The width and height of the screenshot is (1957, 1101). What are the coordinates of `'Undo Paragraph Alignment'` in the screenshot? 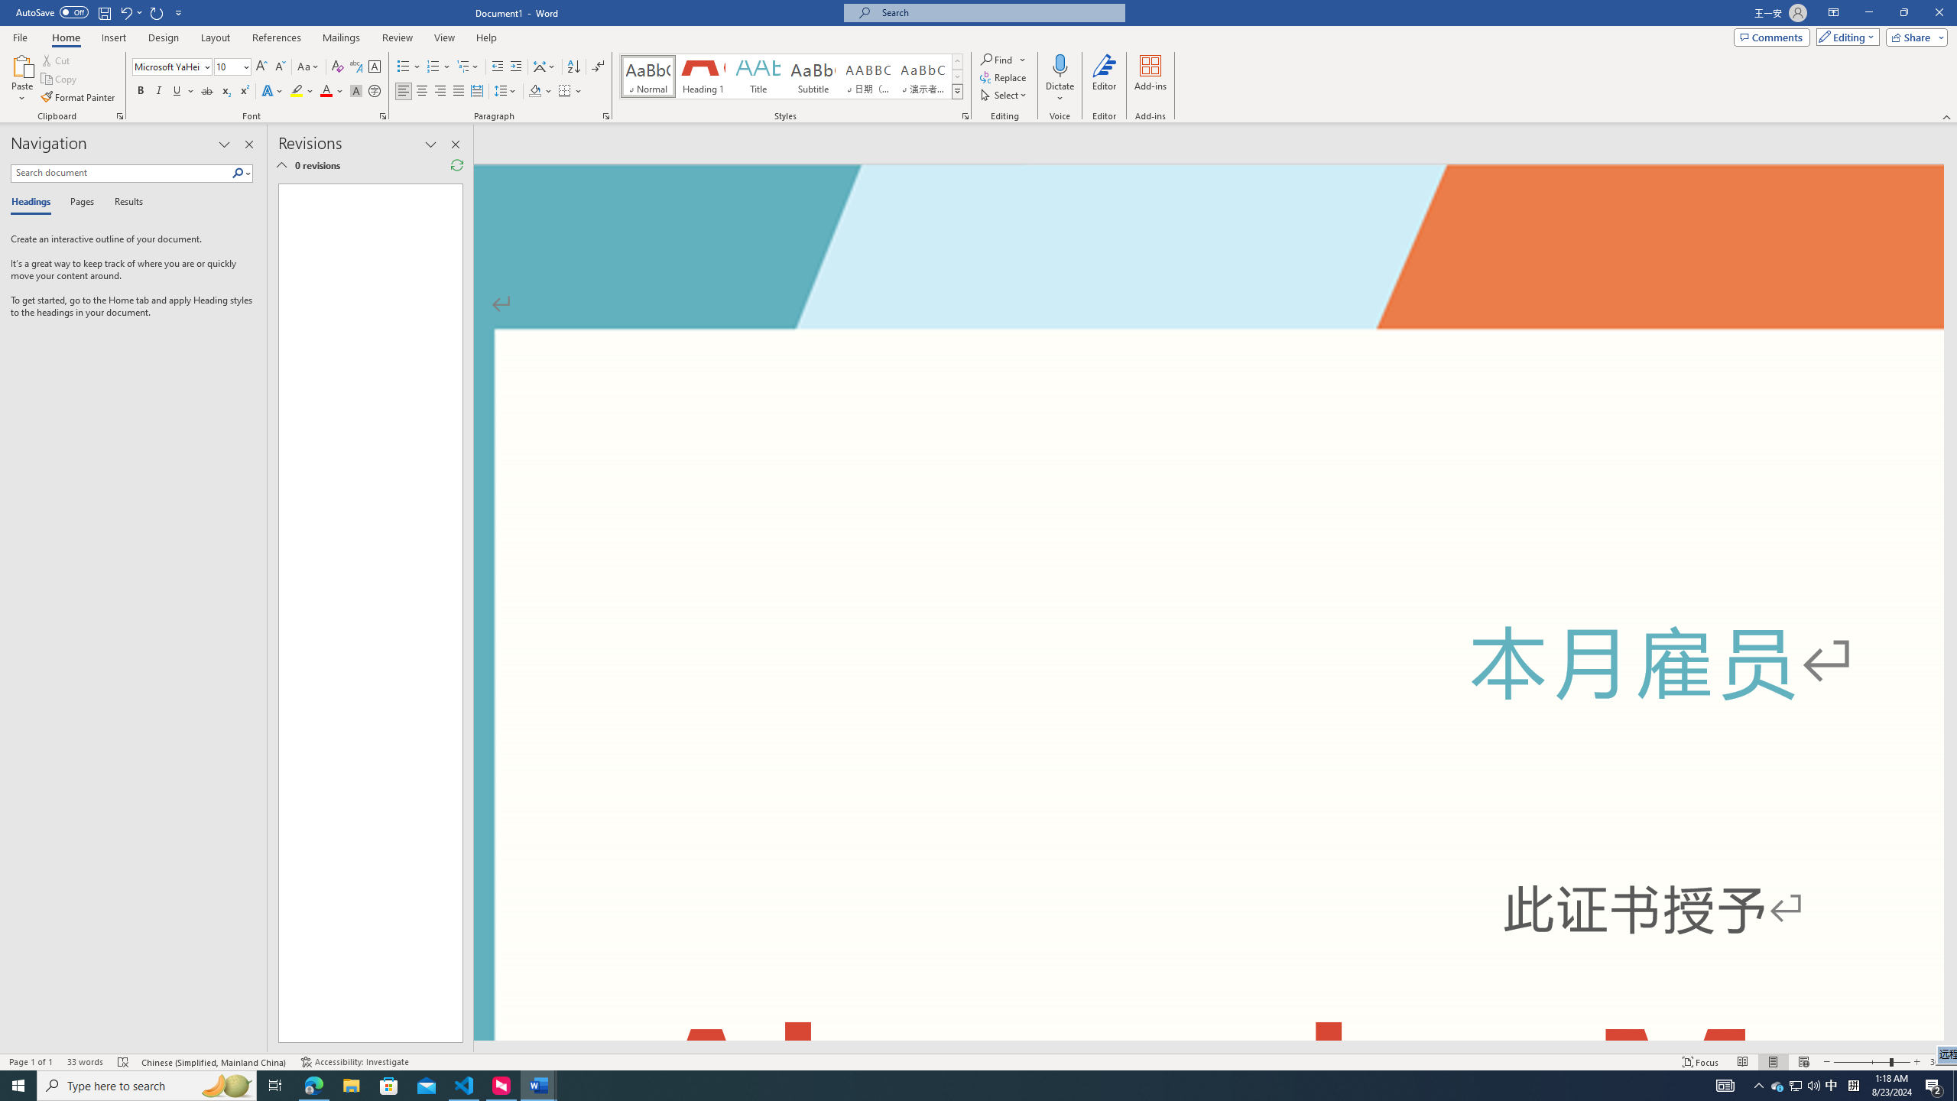 It's located at (125, 11).